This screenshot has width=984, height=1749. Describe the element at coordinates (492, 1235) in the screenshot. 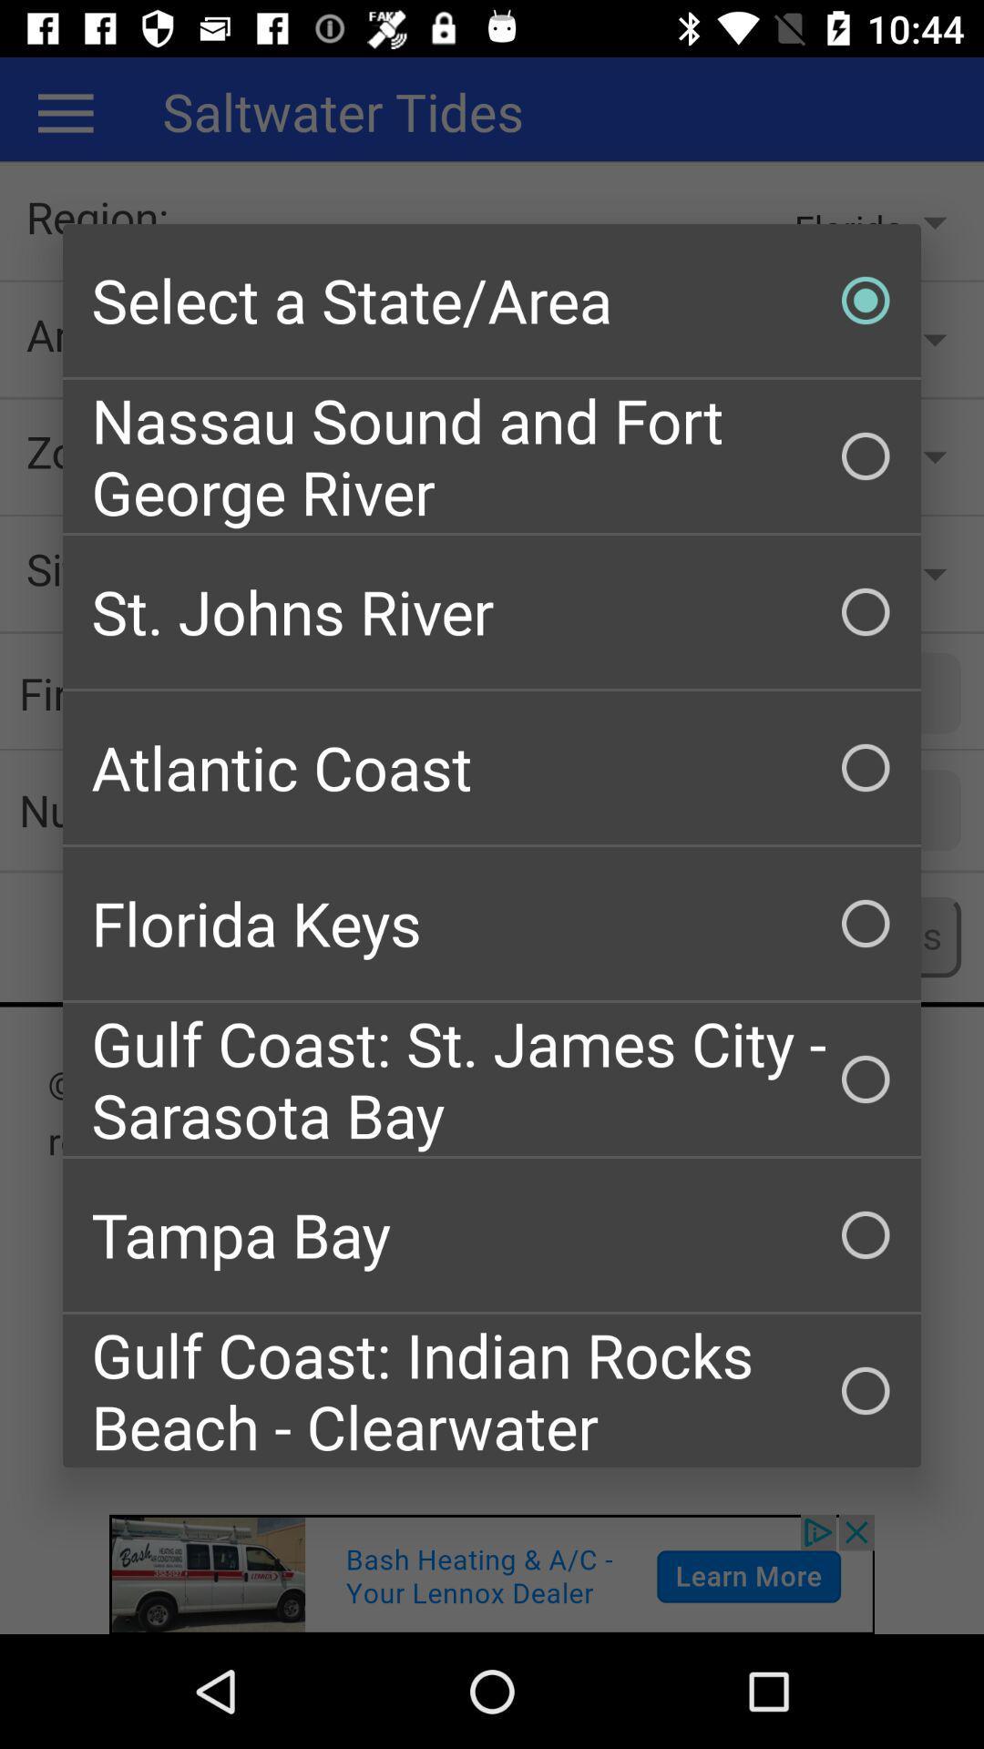

I see `the tampa bay item` at that location.